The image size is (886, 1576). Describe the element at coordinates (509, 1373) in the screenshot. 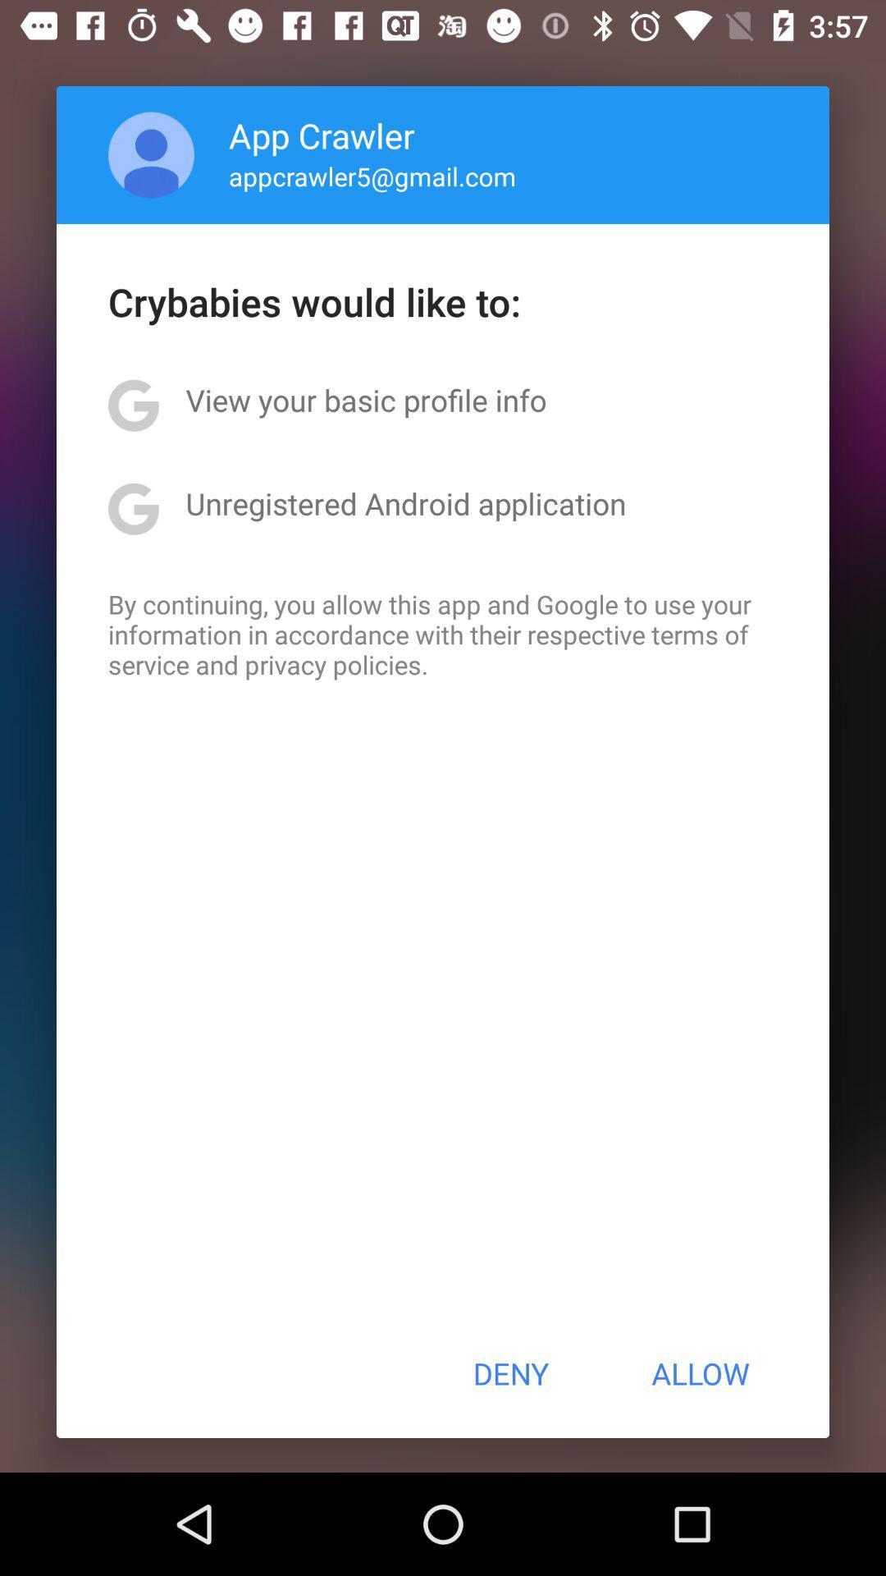

I see `icon to the left of allow item` at that location.